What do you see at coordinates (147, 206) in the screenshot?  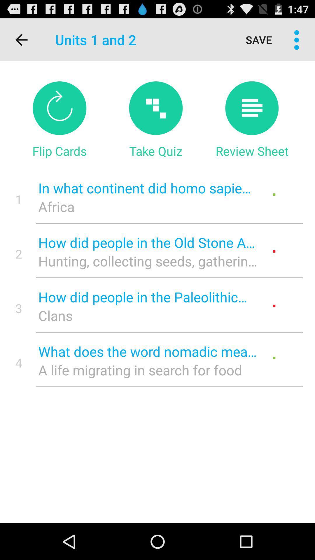 I see `the item to the right of 1` at bounding box center [147, 206].